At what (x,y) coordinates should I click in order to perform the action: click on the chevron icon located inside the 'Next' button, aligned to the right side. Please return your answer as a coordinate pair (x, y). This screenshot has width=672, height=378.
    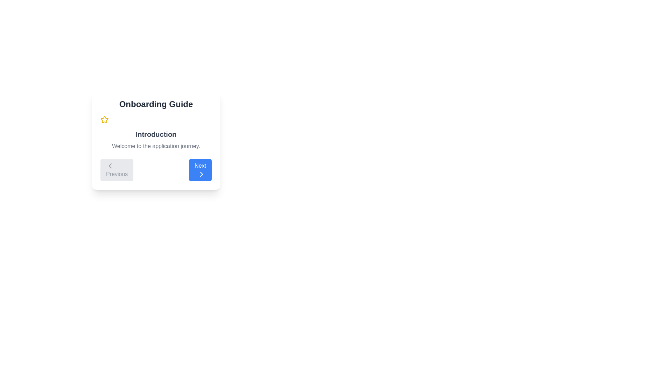
    Looking at the image, I should click on (201, 174).